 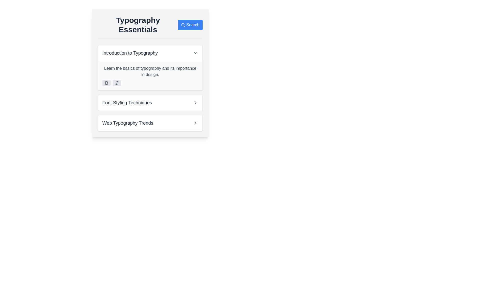 What do you see at coordinates (195, 103) in the screenshot?
I see `the rightward-pointing chevron icon styled in dark gray, located to the right of the 'Font Styling Techniques' list item` at bounding box center [195, 103].